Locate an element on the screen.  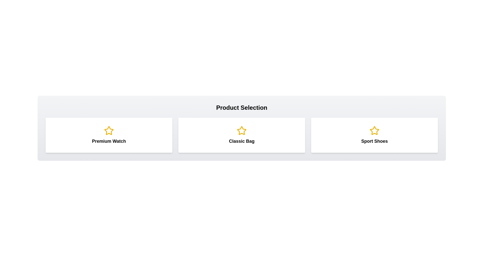
the yellow star icon located in the leftmost card labeled 'Premium Watch' under the 'Product Selection' heading is located at coordinates (109, 130).